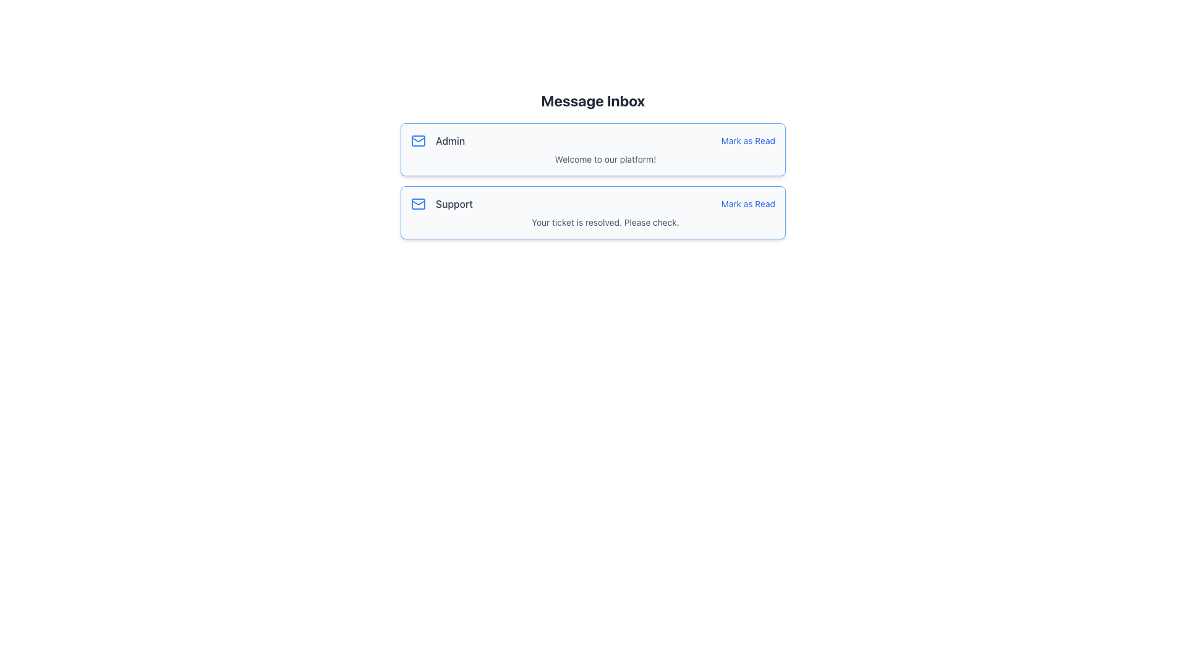 The height and width of the screenshot is (668, 1187). I want to click on the Text Label, which serves as the title for the section and is positioned above the message items in the central content area, so click(592, 100).